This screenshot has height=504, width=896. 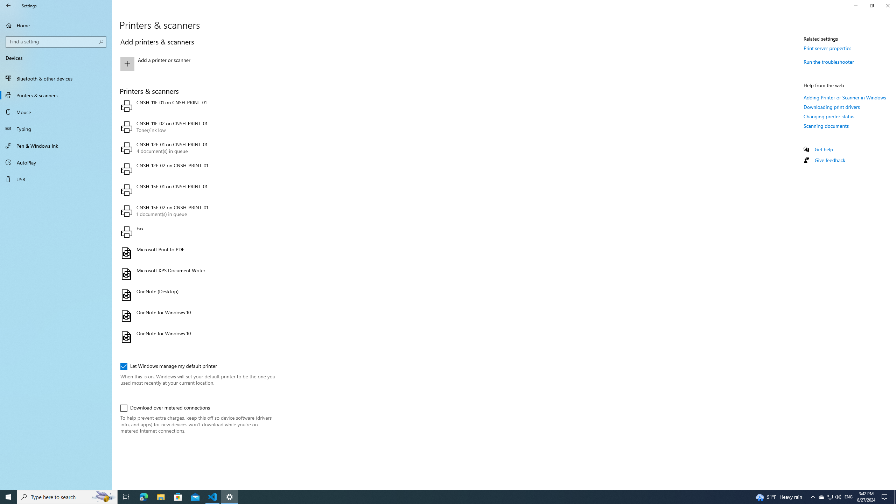 I want to click on 'Bluetooth & other devices', so click(x=56, y=78).